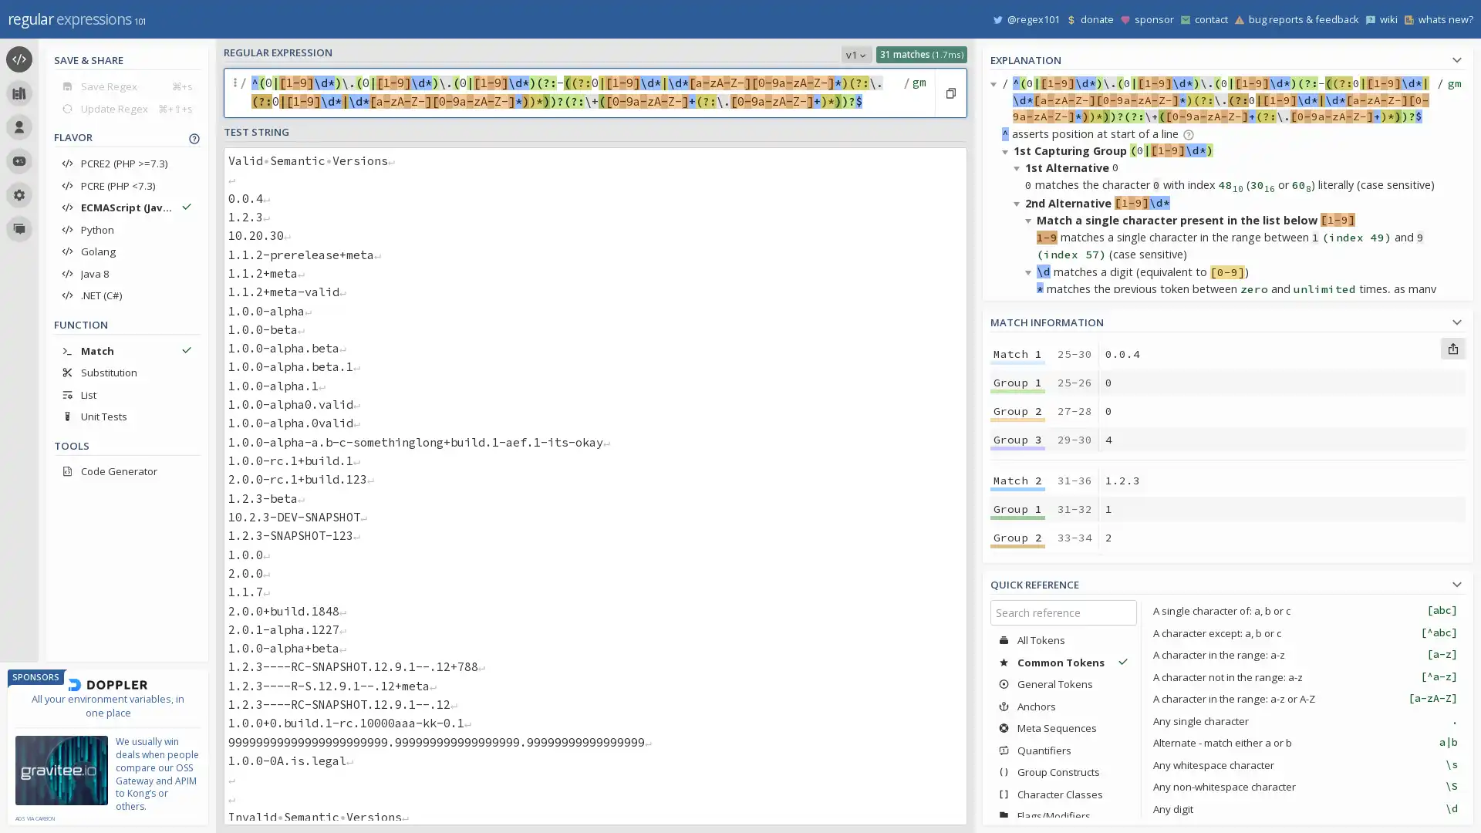 Image resolution: width=1481 pixels, height=833 pixels. What do you see at coordinates (1007, 151) in the screenshot?
I see `Collapse Subtree` at bounding box center [1007, 151].